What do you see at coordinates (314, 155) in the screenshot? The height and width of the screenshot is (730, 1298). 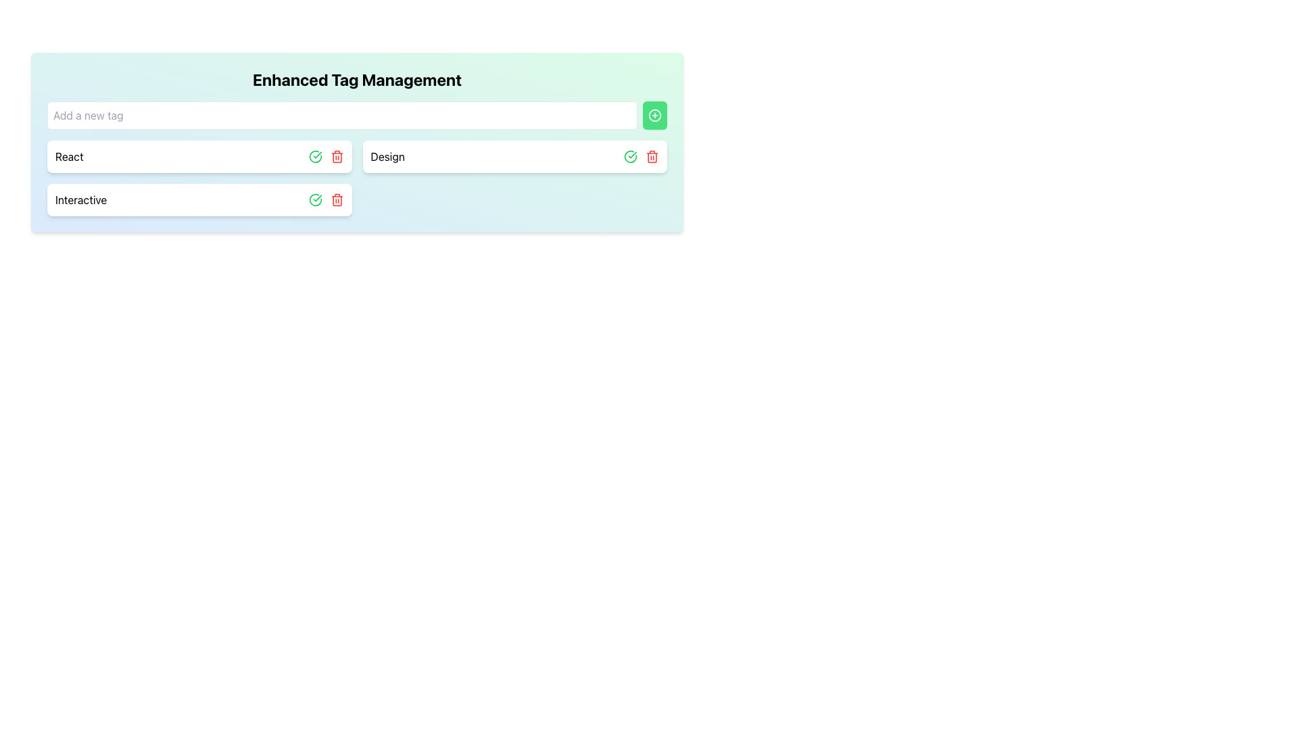 I see `the confirmation indicator icon that signals the successful addition or active status of the associated tag, located to the right of the 'Interactive' tag label` at bounding box center [314, 155].